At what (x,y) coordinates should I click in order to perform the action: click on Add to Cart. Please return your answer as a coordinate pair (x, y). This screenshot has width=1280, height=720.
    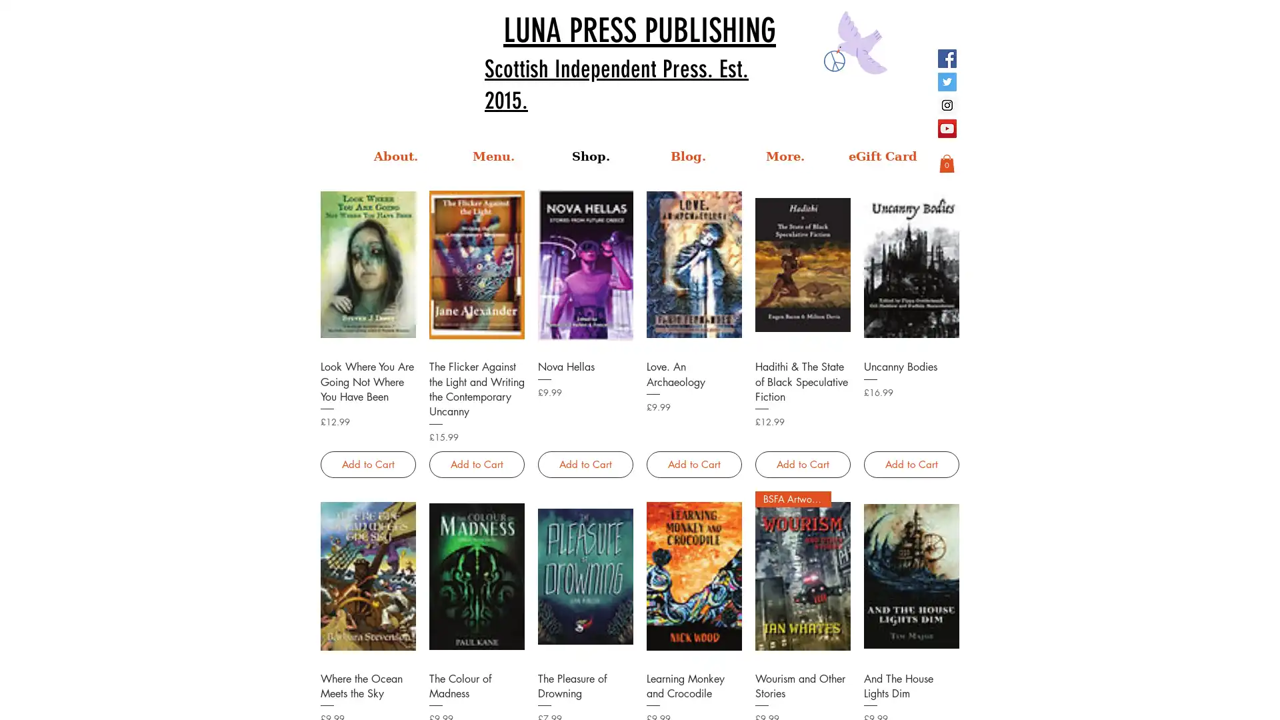
    Looking at the image, I should click on (368, 463).